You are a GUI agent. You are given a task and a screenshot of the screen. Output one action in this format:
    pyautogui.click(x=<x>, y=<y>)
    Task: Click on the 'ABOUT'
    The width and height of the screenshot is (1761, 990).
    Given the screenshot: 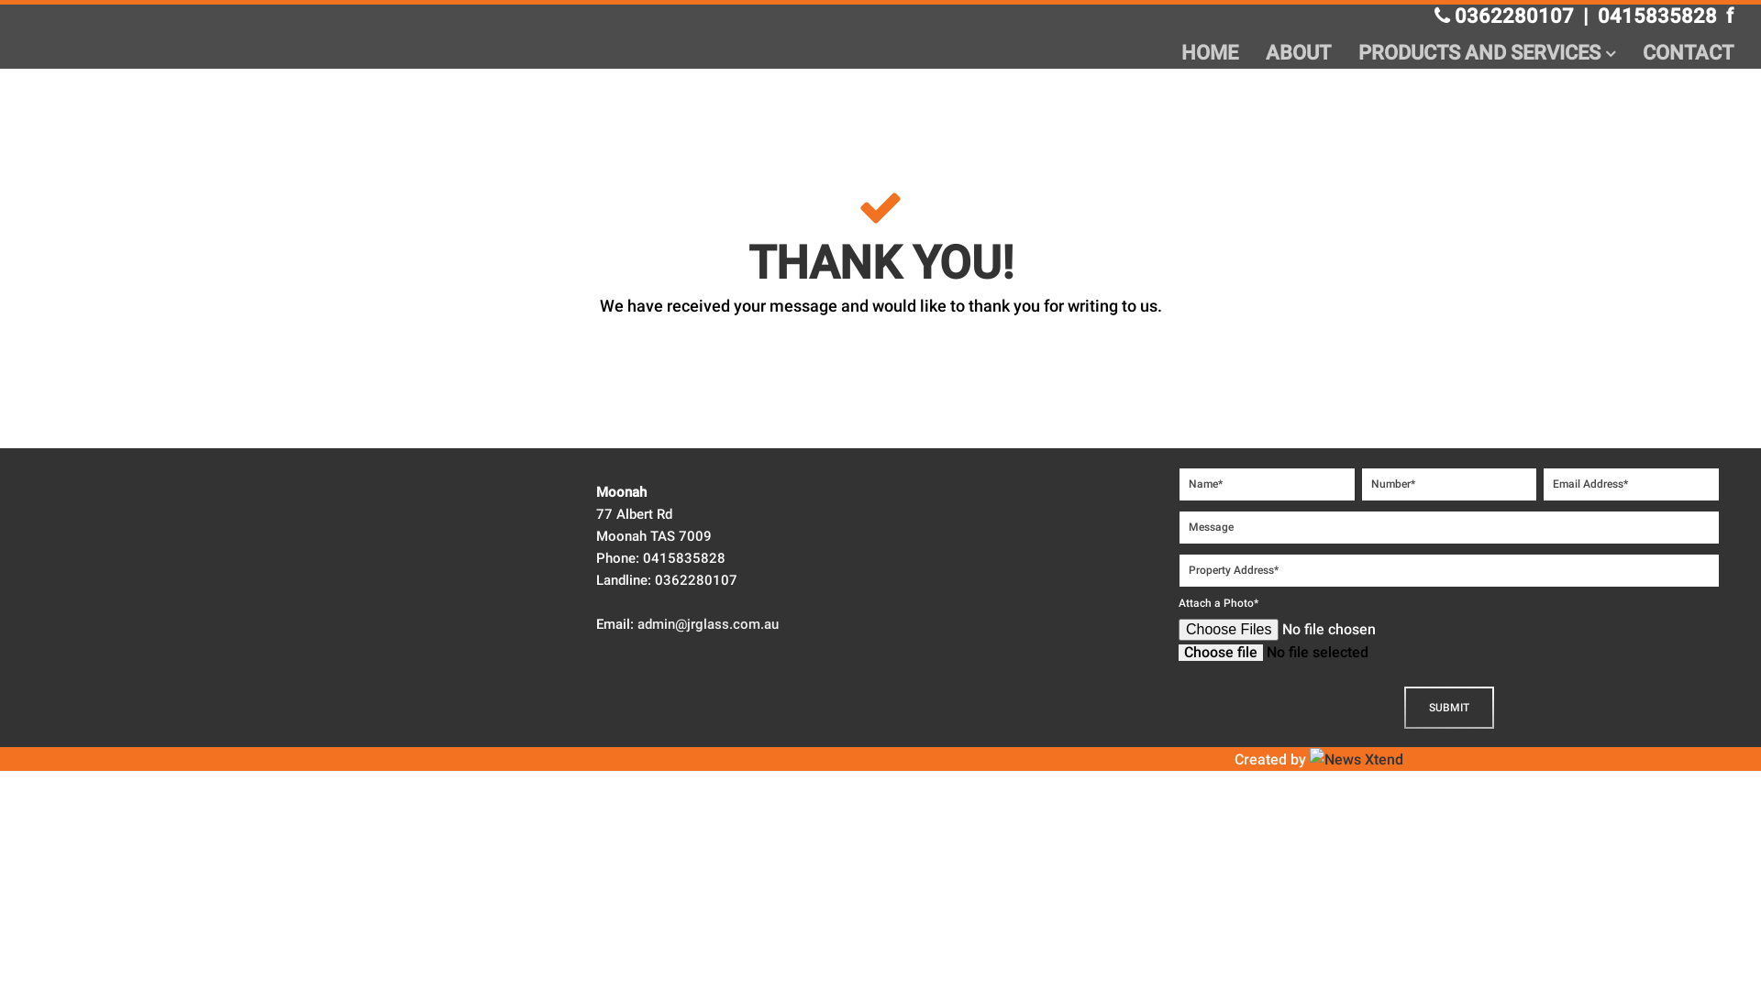 What is the action you would take?
    pyautogui.click(x=1297, y=52)
    